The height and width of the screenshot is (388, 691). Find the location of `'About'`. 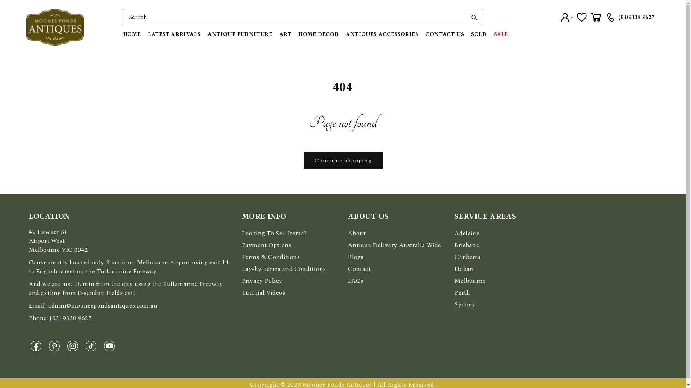

'About' is located at coordinates (348, 233).